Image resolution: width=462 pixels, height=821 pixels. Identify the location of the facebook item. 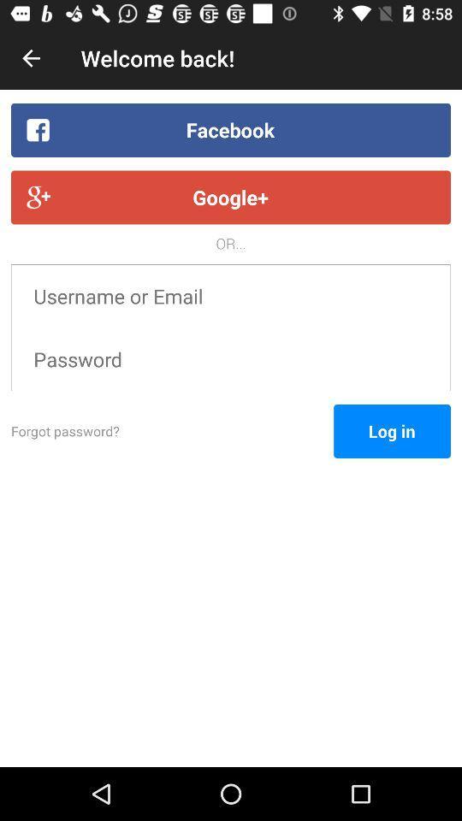
(231, 129).